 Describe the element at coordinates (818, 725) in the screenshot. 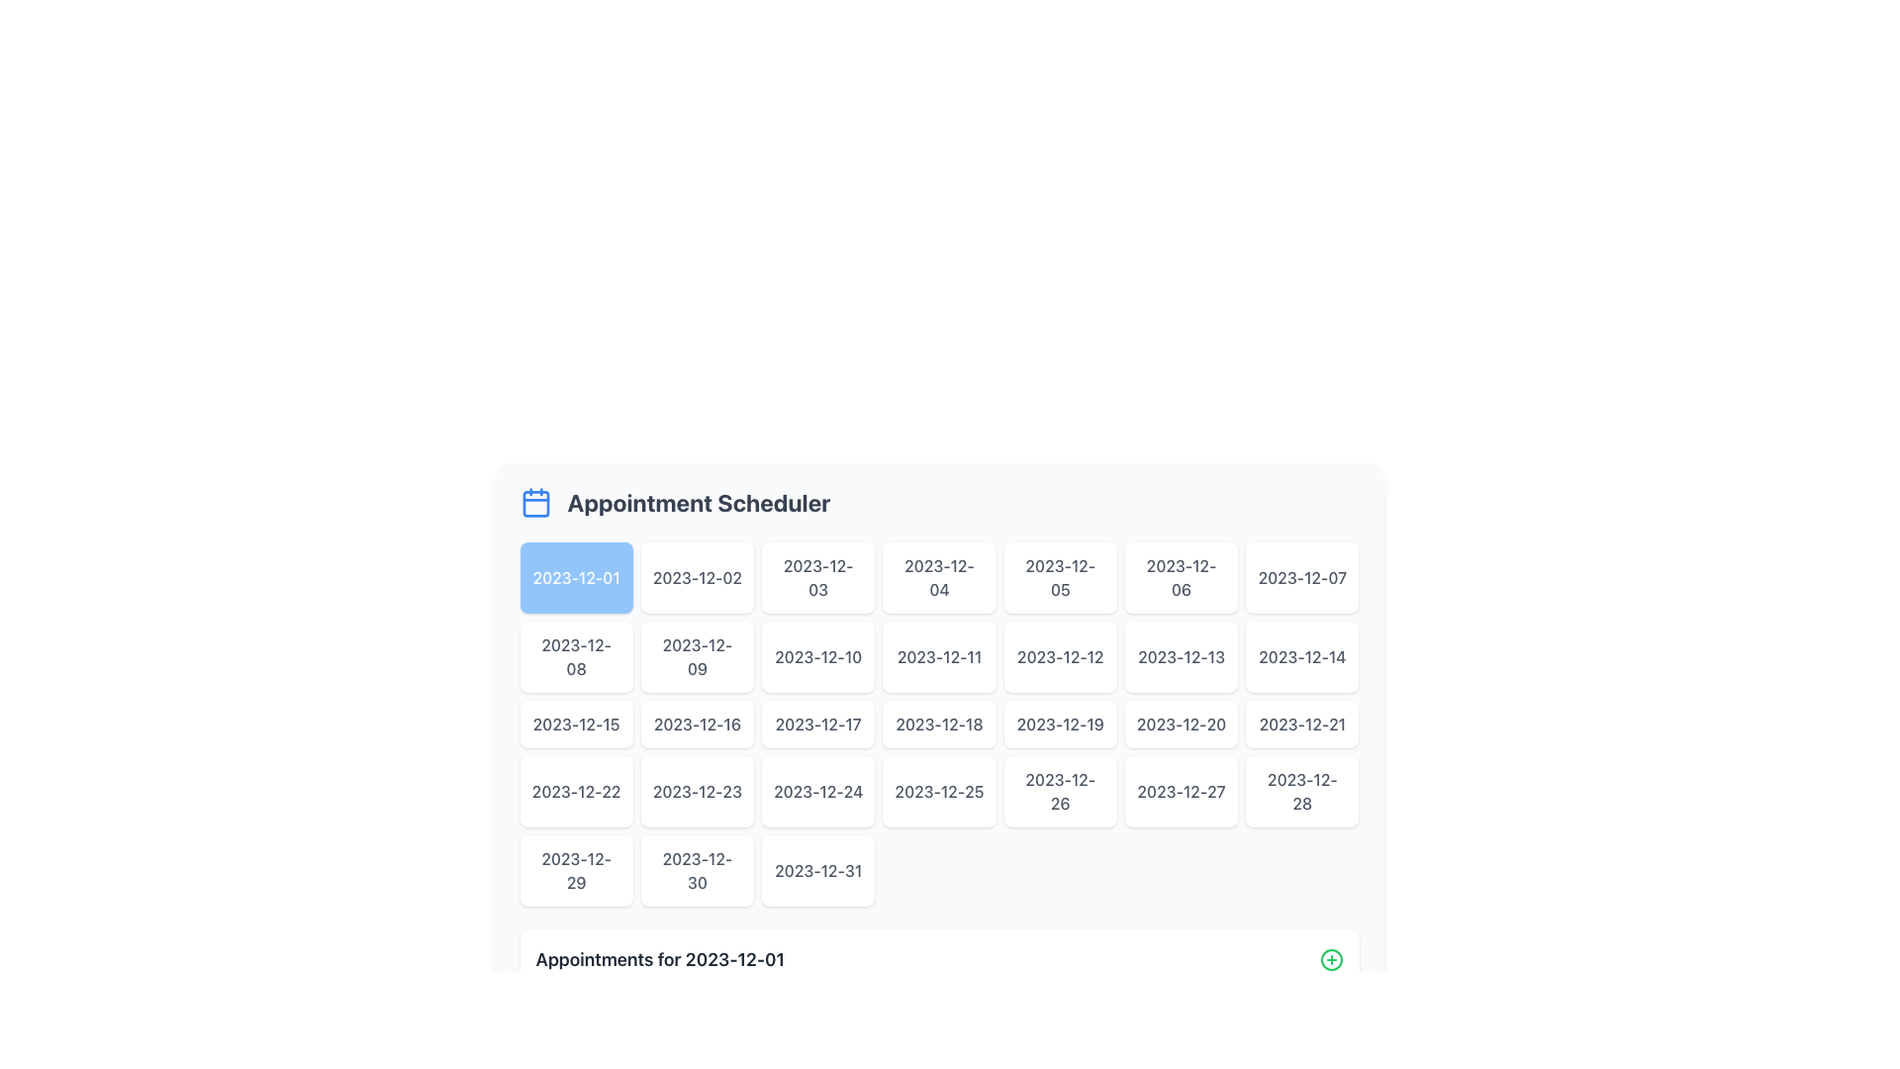

I see `the date button for '2023-12-17' in the Appointment Scheduler section to change its background color` at that location.